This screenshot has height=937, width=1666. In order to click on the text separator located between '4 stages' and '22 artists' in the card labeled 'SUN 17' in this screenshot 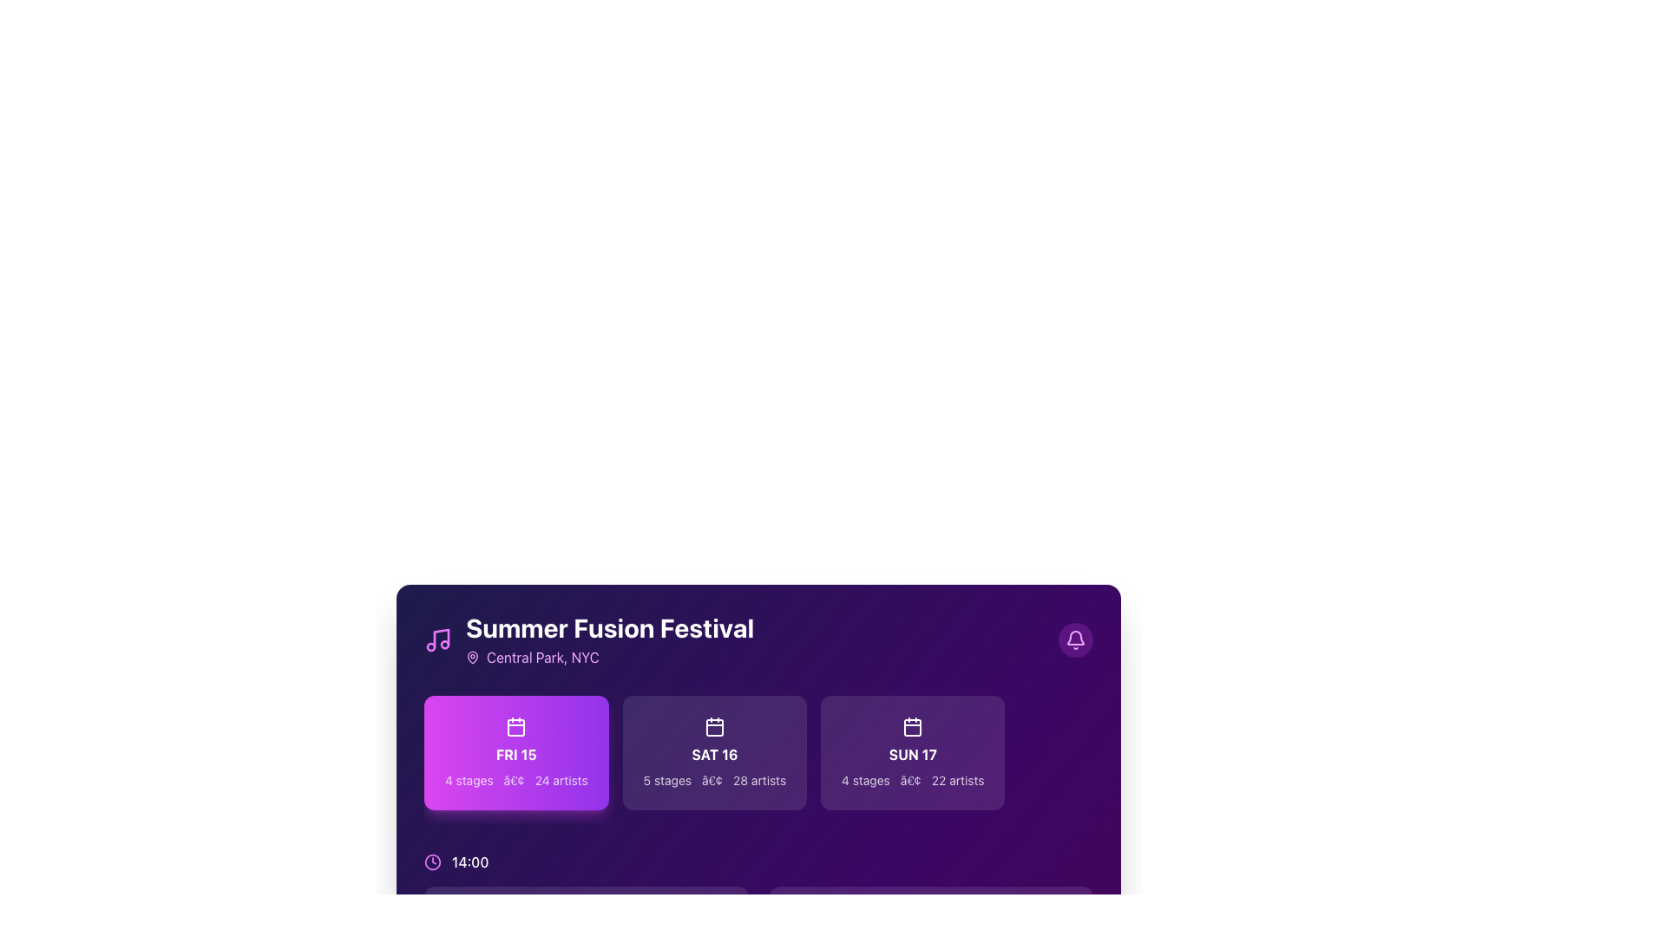, I will do `click(909, 779)`.